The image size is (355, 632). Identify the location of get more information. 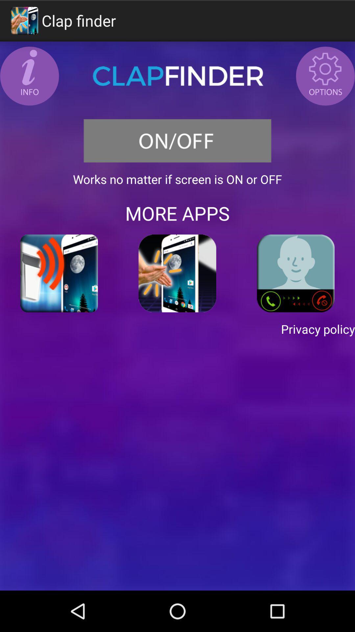
(29, 76).